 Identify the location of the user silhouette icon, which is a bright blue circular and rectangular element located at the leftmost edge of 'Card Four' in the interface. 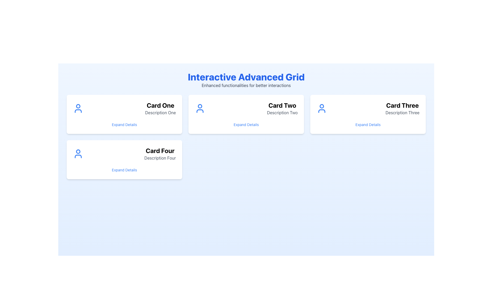
(78, 153).